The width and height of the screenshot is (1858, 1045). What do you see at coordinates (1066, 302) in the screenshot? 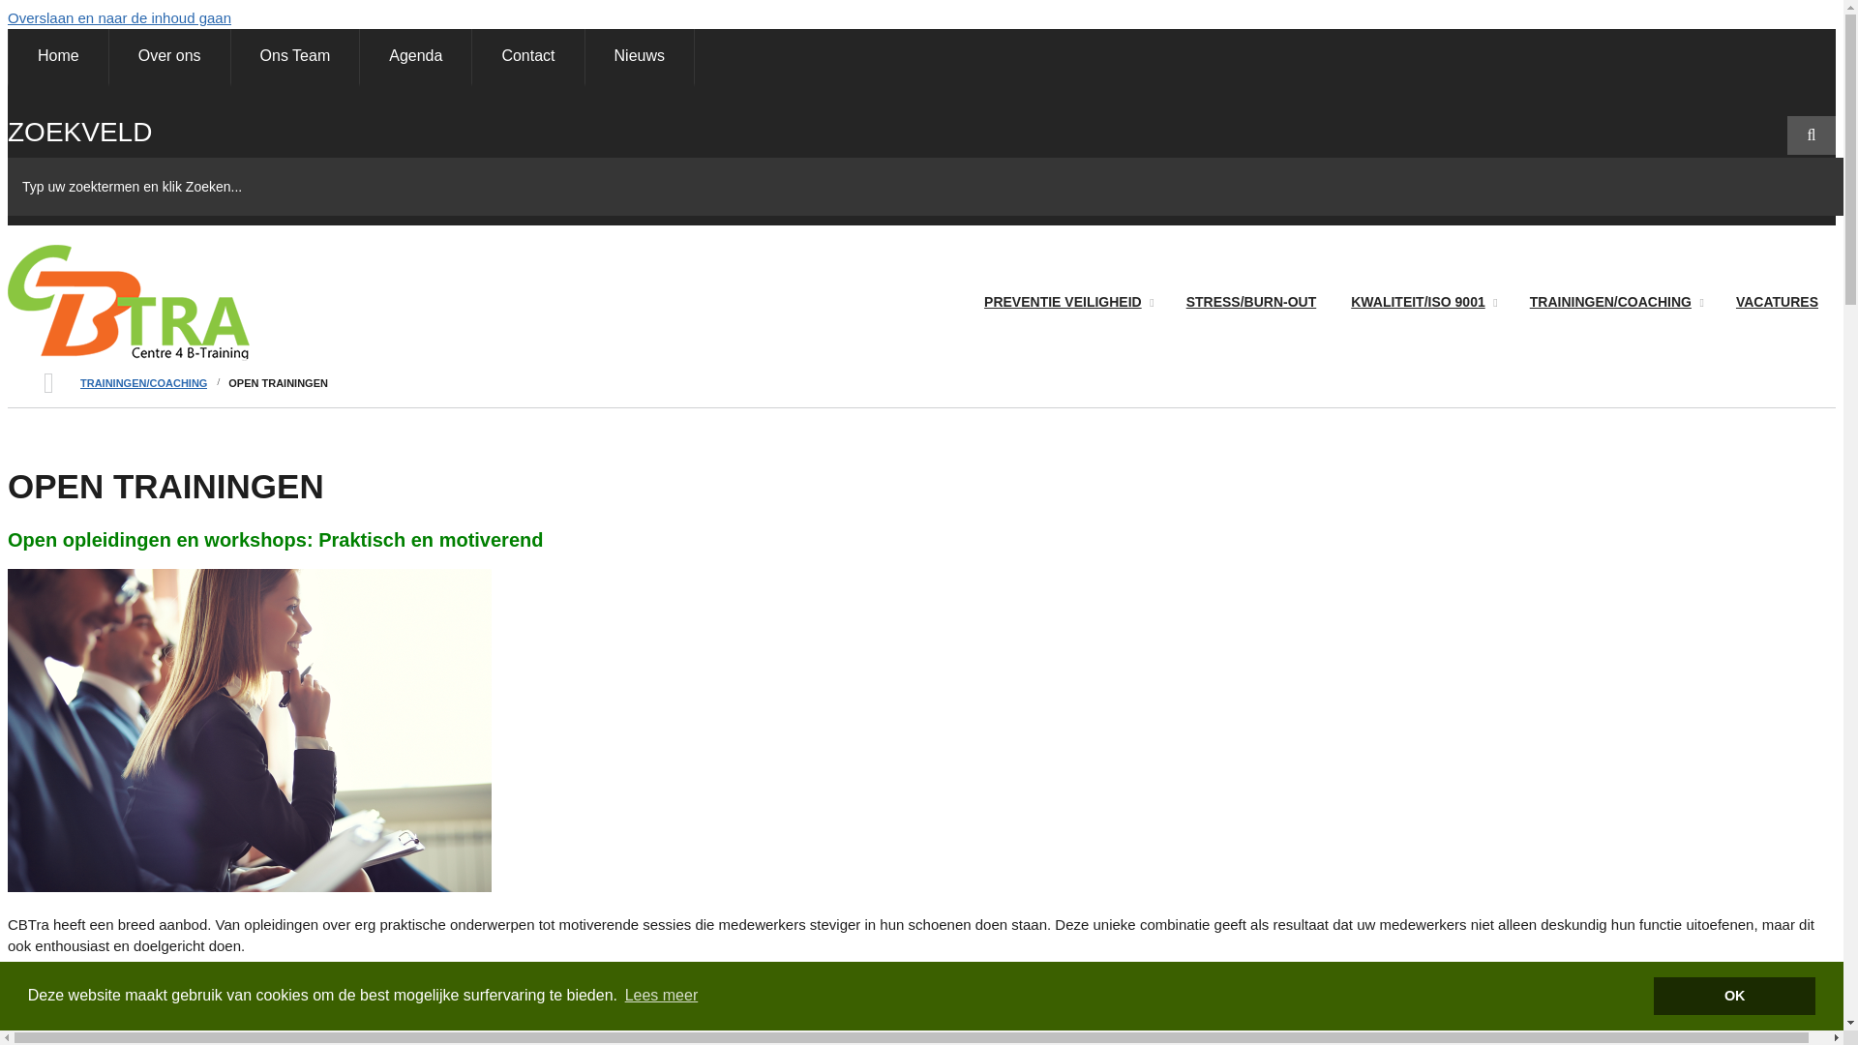
I see `'PREVENTIE VEILIGHEID'` at bounding box center [1066, 302].